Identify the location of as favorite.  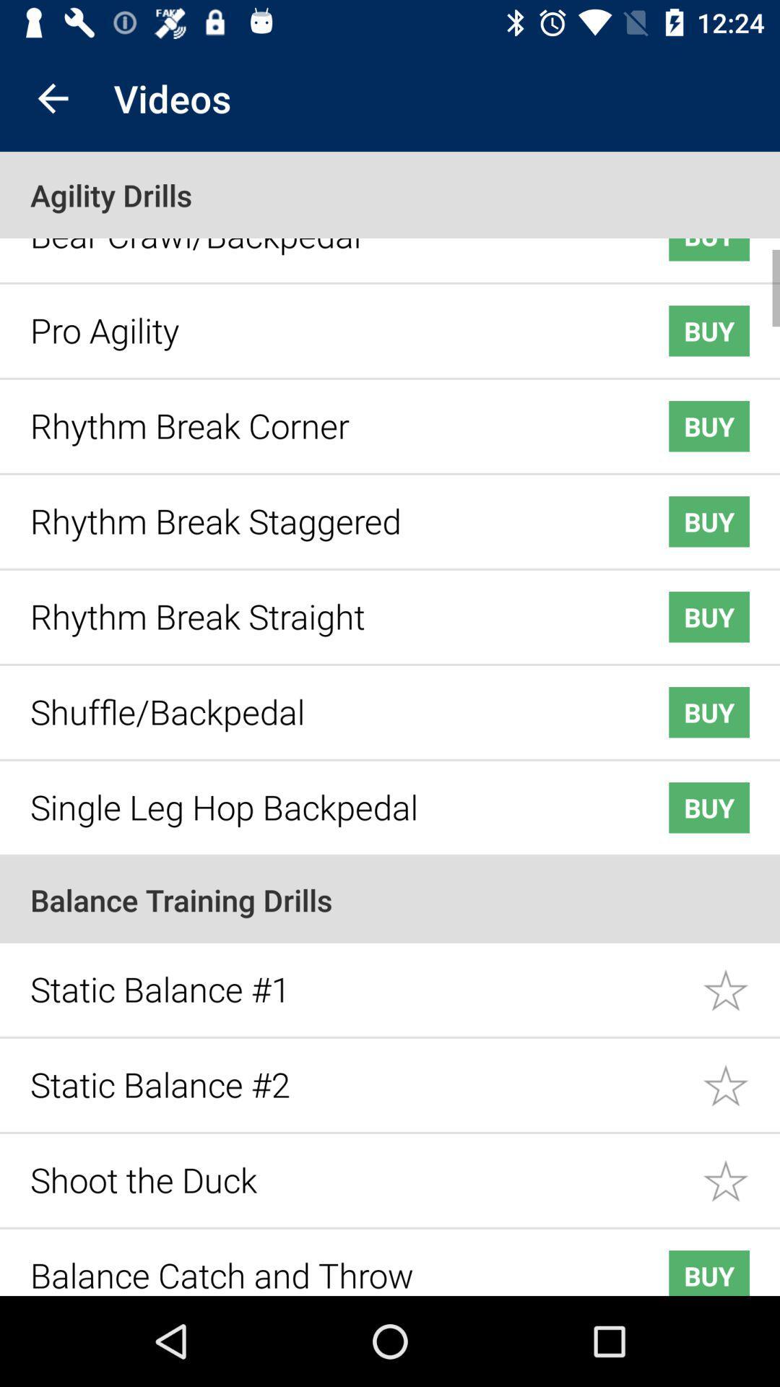
(741, 980).